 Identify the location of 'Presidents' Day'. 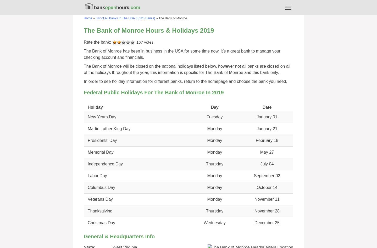
(102, 140).